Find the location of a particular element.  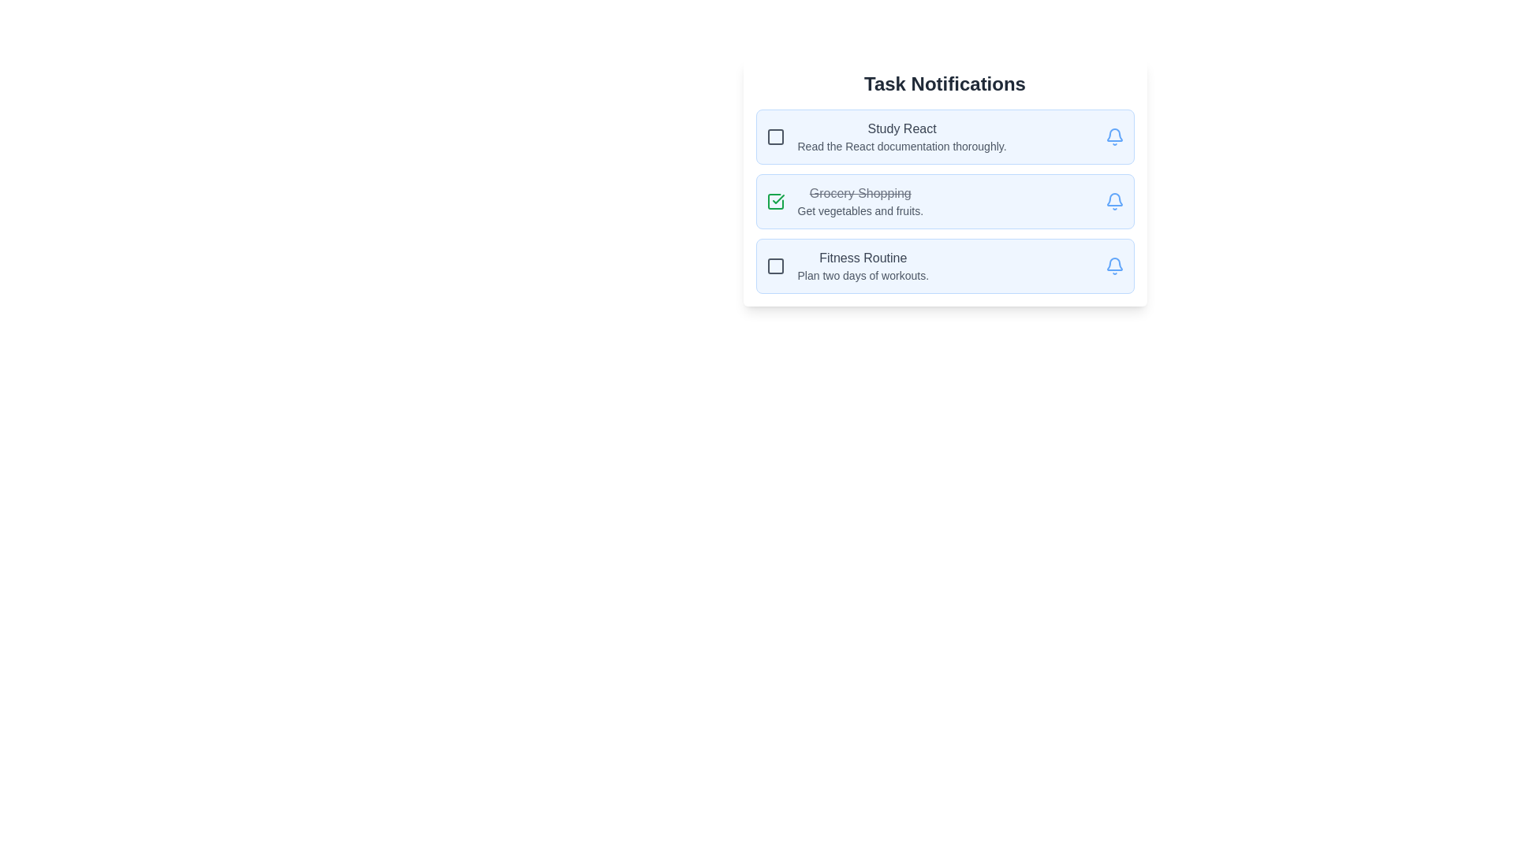

the checkbox icon of the 'Fitness Routine' notification item to mark the task as completed is located at coordinates (846, 266).